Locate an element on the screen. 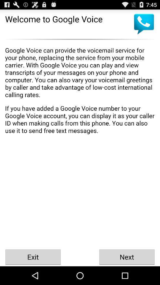 Image resolution: width=160 pixels, height=285 pixels. the icon at the center is located at coordinates (80, 144).